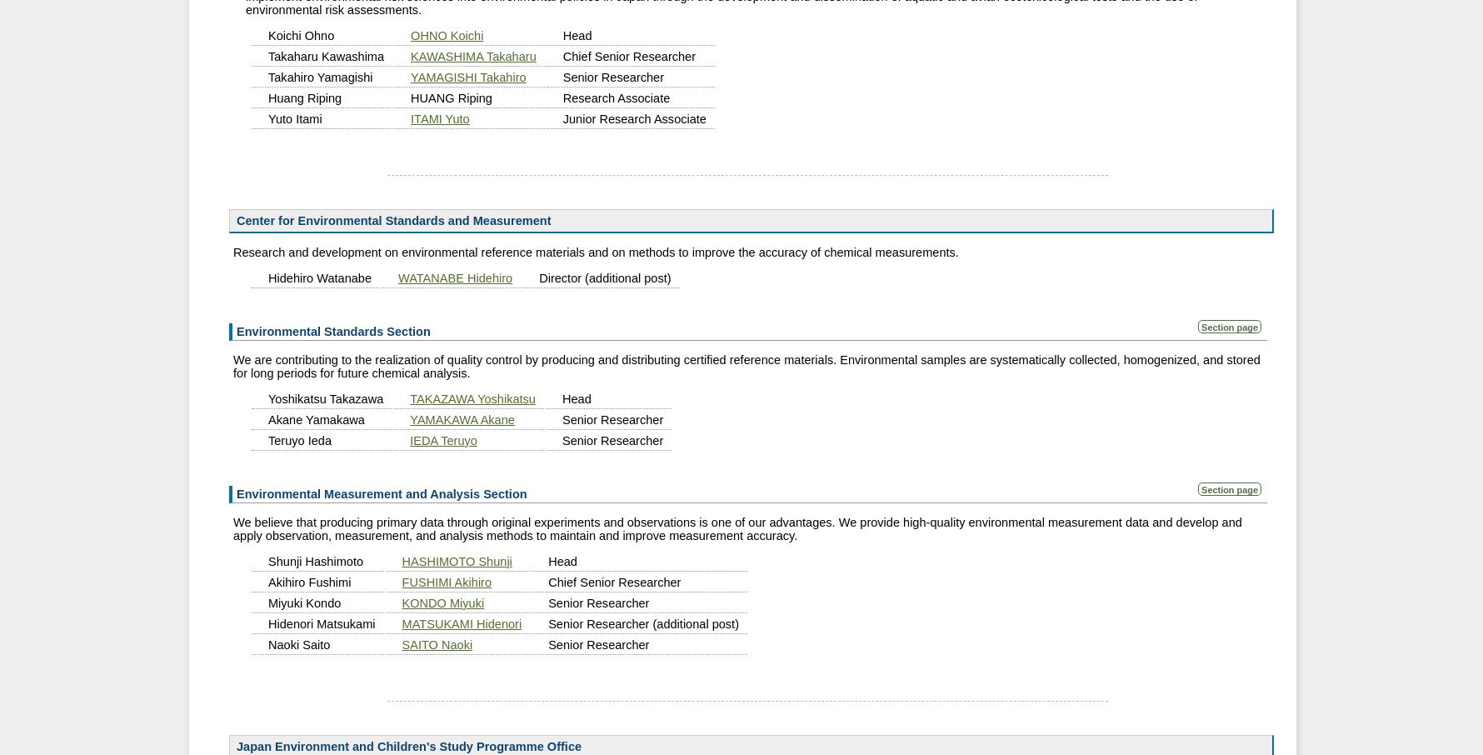  I want to click on 'ITAMI Yuto', so click(438, 117).